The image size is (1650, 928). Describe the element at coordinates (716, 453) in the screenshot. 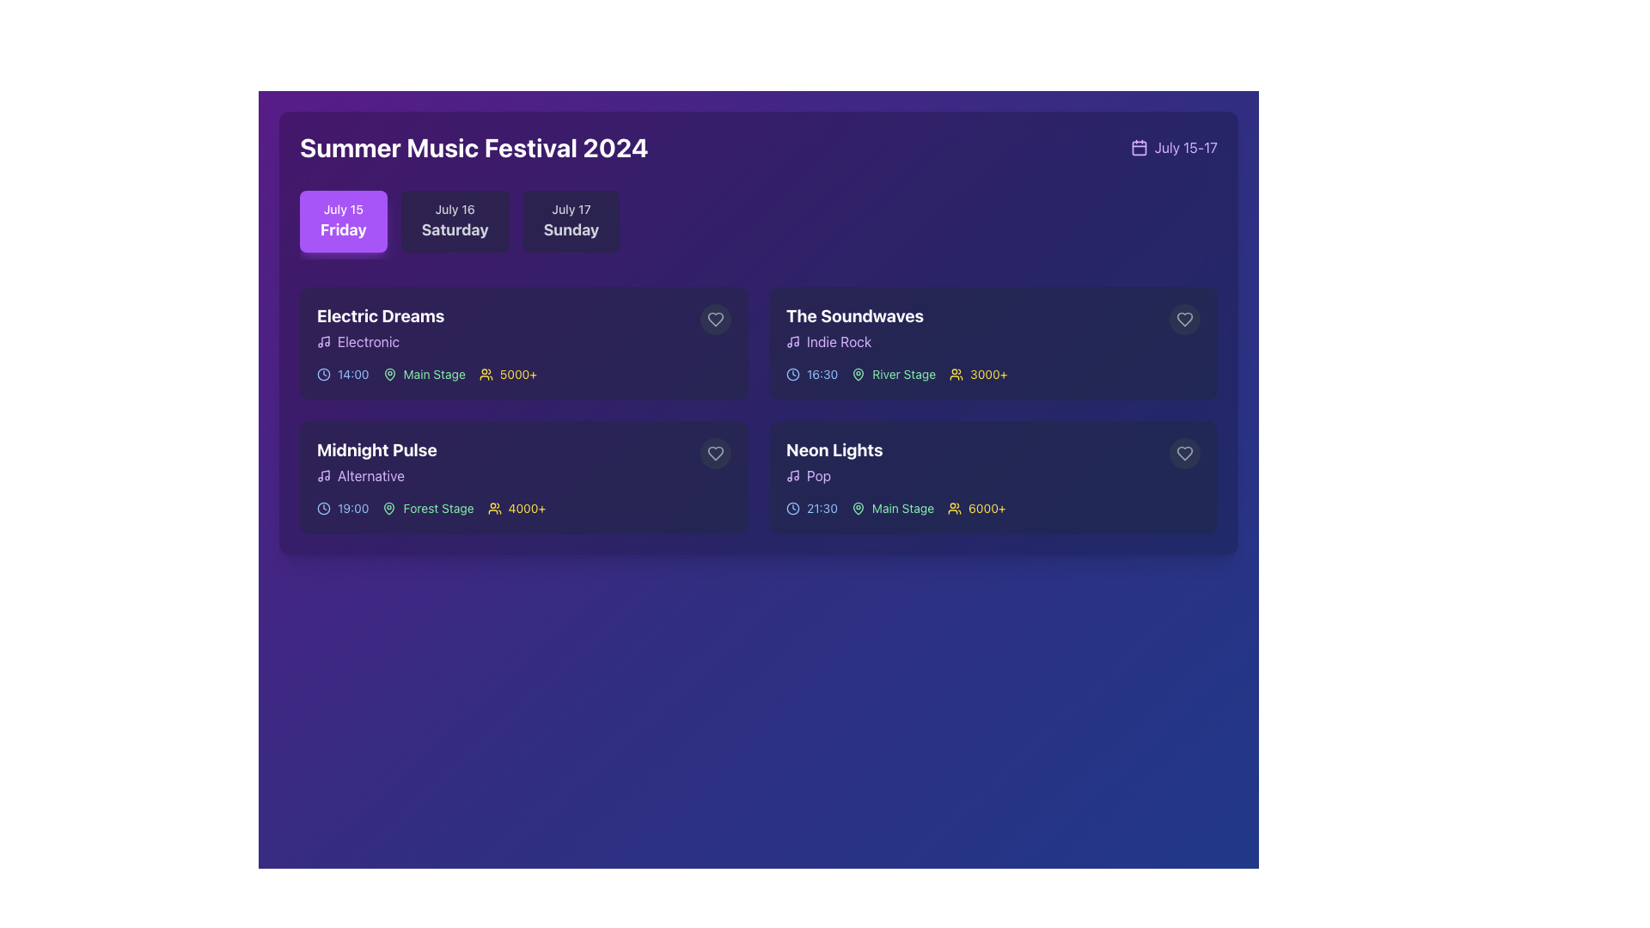

I see `the heart-shaped icon located in the bottom-right corner of the 'Midnight Pulse' card under the 'July 15' section to mark or unmark it as favorite` at that location.